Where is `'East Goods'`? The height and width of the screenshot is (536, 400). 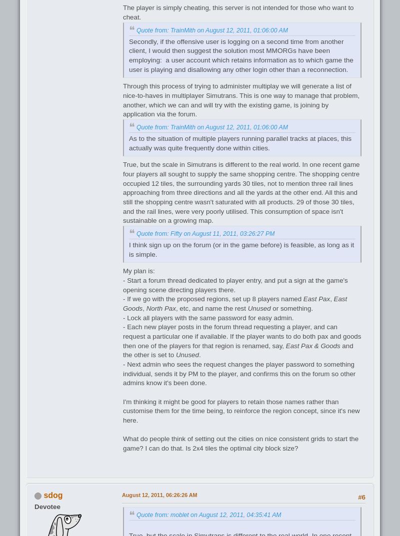 'East Goods' is located at coordinates (235, 303).